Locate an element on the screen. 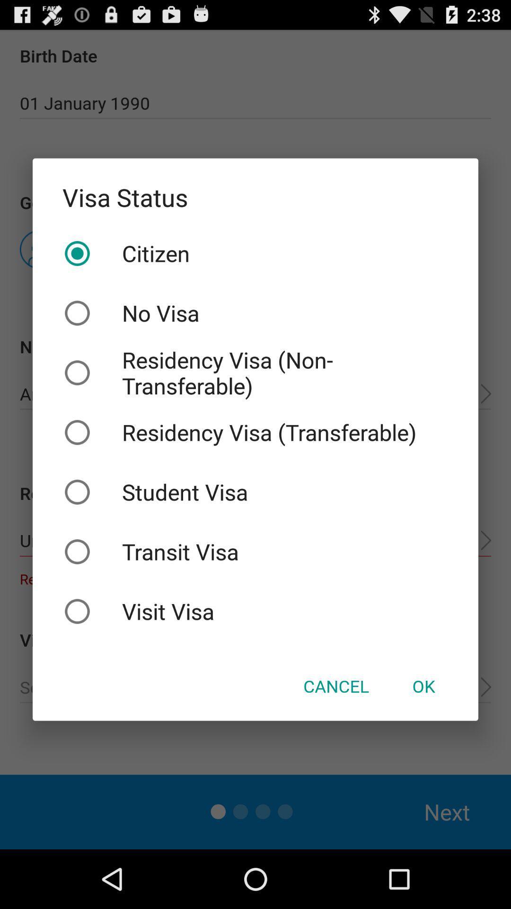 This screenshot has height=909, width=511. the item to the right of cancel icon is located at coordinates (423, 686).